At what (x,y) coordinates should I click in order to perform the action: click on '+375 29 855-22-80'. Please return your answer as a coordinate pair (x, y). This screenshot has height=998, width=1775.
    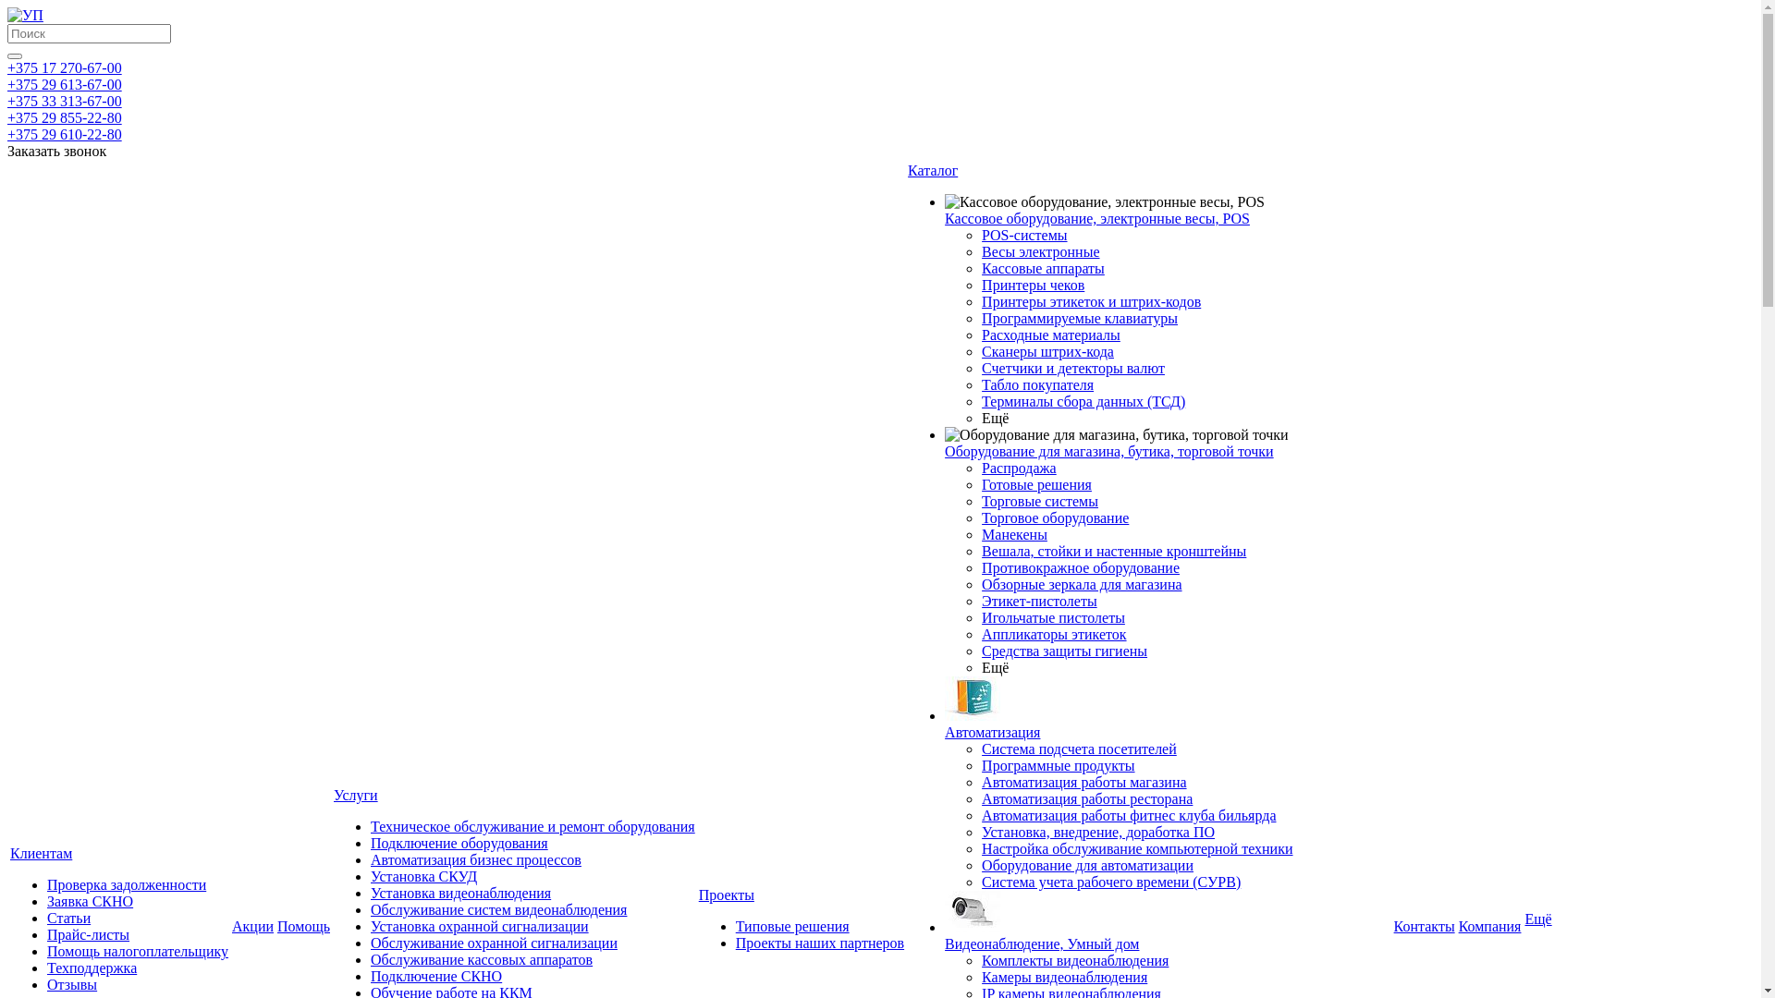
    Looking at the image, I should click on (65, 117).